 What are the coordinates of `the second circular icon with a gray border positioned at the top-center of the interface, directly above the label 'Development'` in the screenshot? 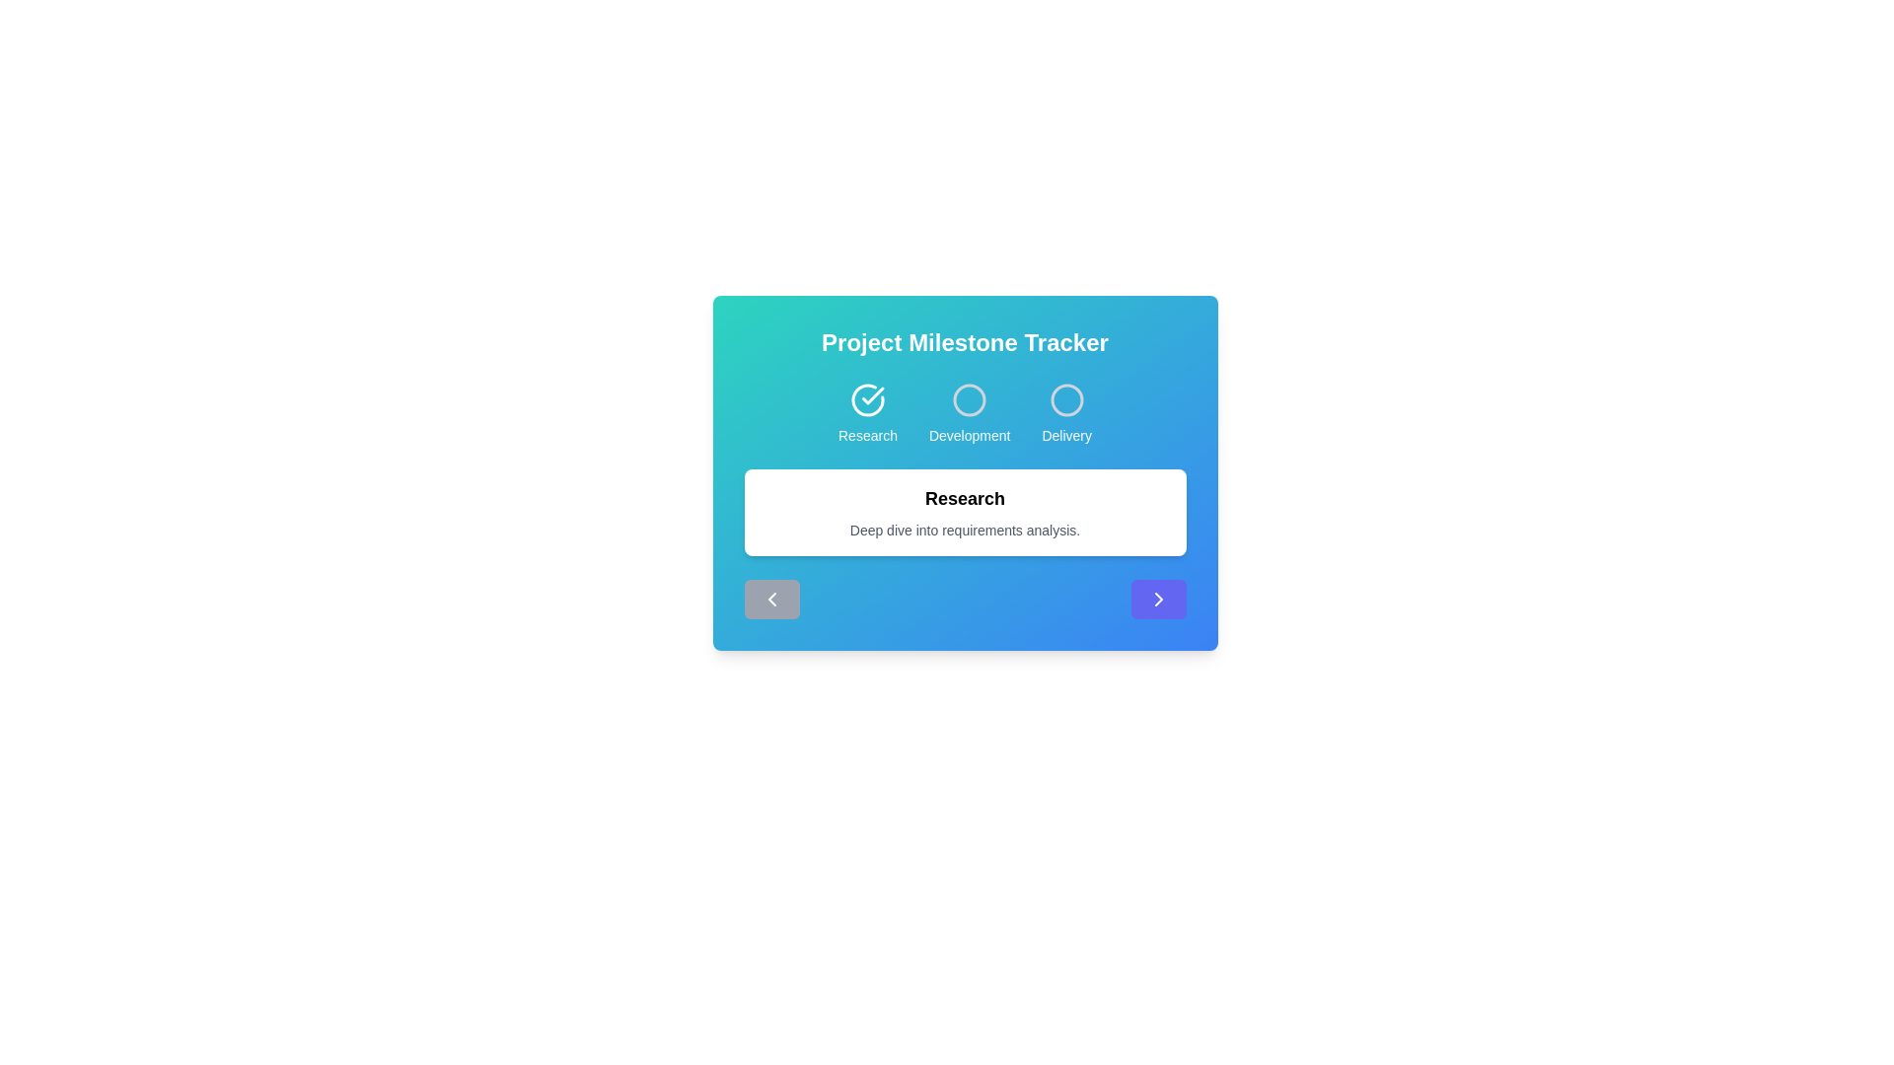 It's located at (970, 399).